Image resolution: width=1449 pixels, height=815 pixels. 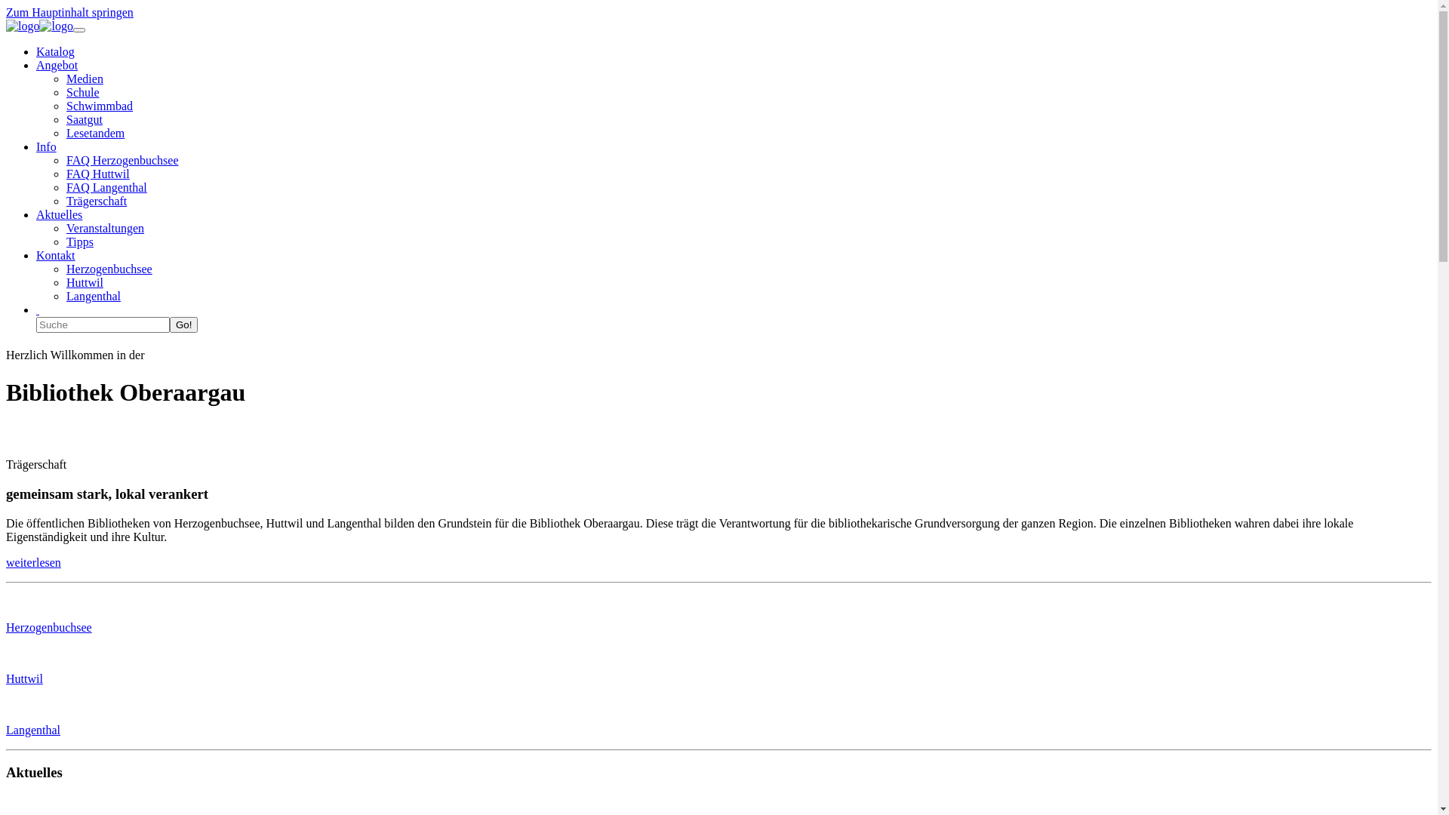 What do you see at coordinates (170, 324) in the screenshot?
I see `'Go!'` at bounding box center [170, 324].